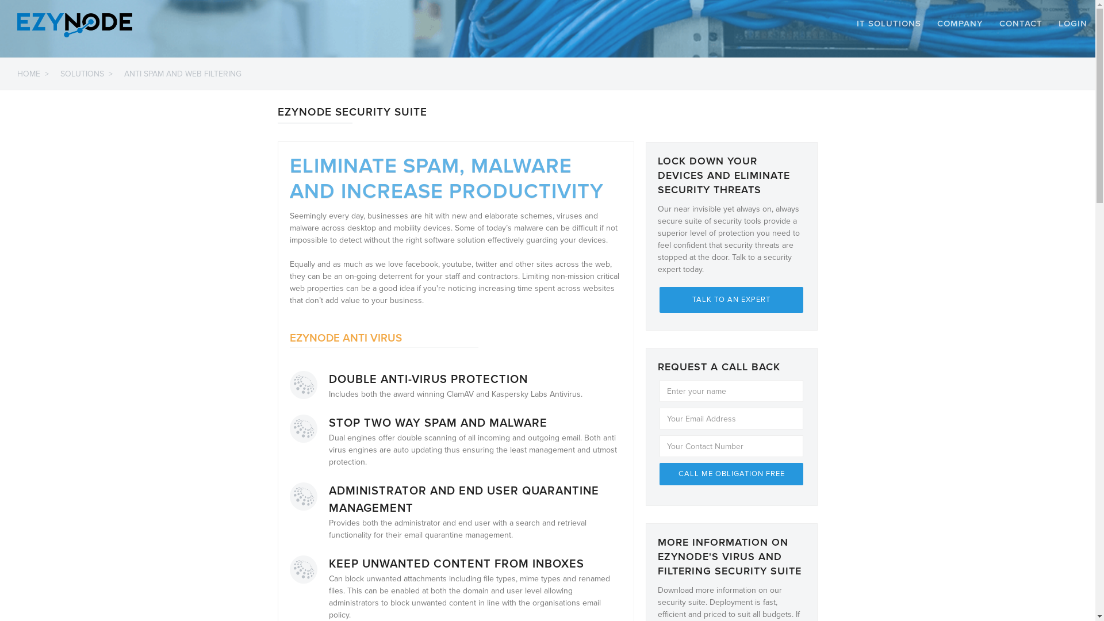 Image resolution: width=1104 pixels, height=621 pixels. I want to click on 'SOLUTIONS  >', so click(86, 74).